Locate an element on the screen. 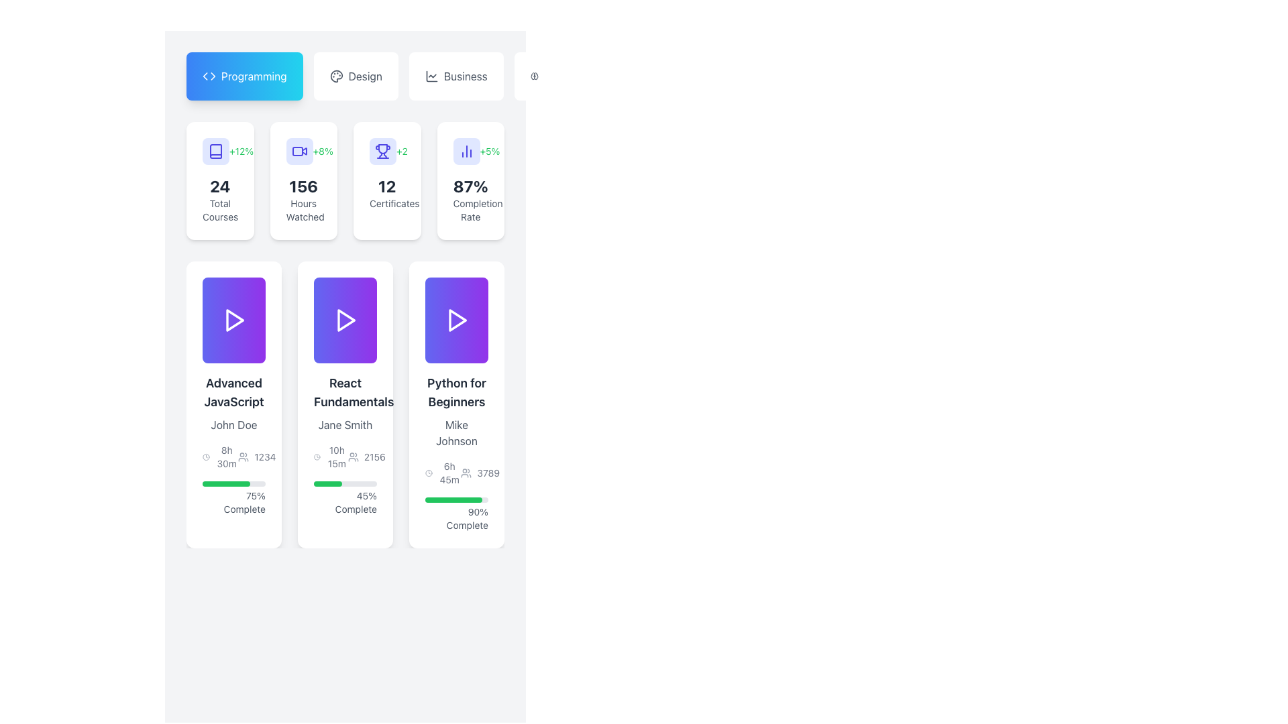 The width and height of the screenshot is (1288, 724). text displayed on the gray text label showing '3789', located under the 'Python for Beginners' card in the course cards grid is located at coordinates (488, 472).